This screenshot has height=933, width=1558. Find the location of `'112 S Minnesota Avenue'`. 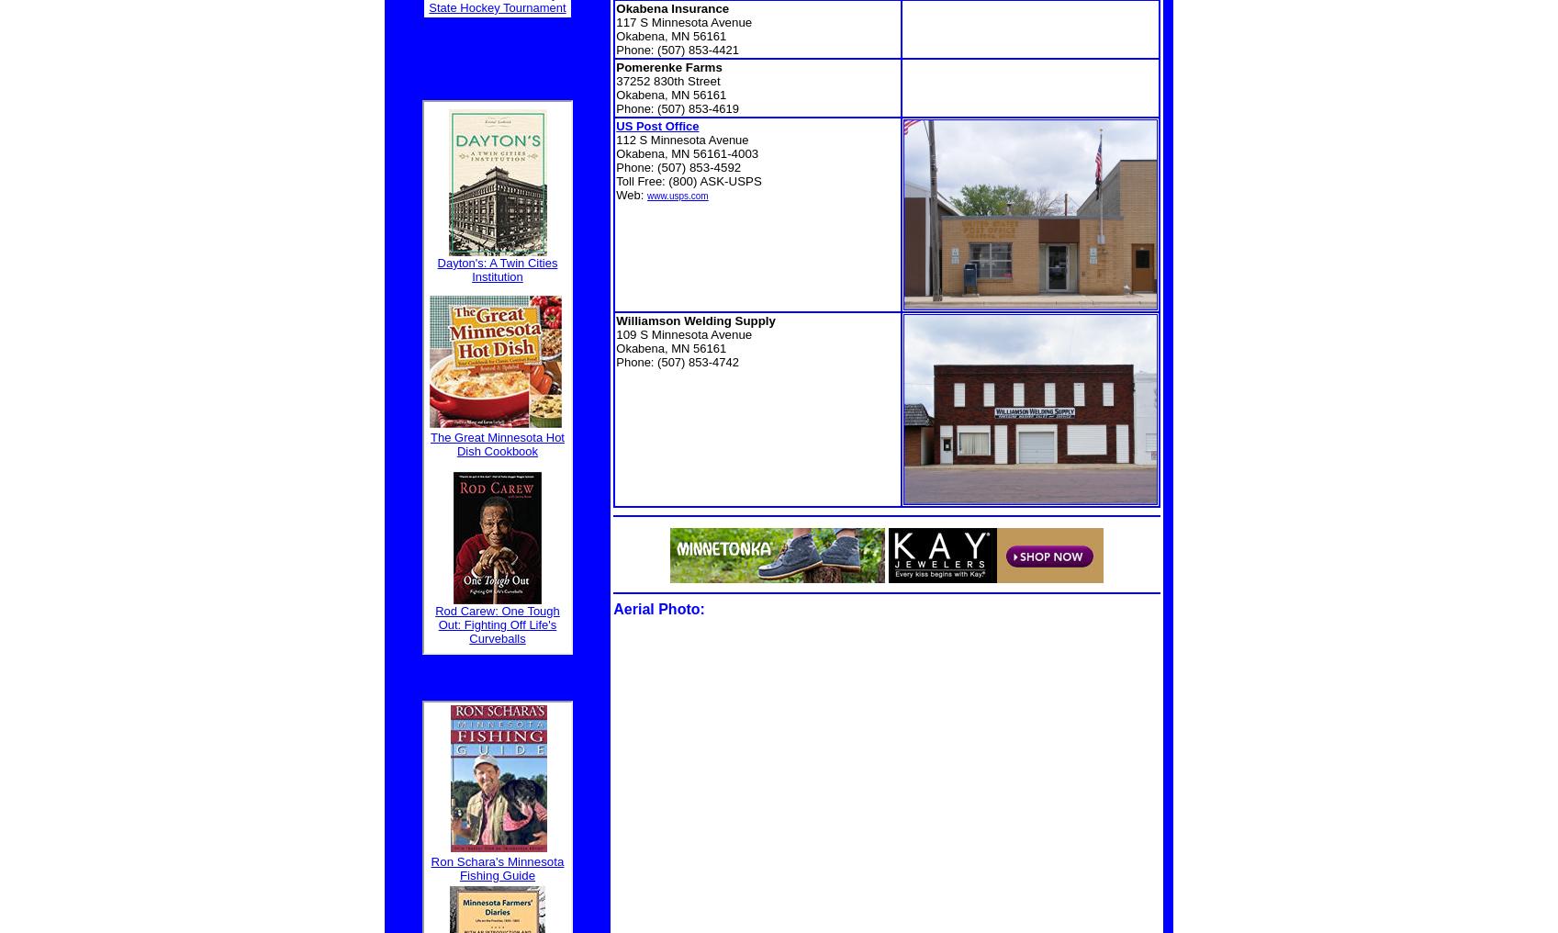

'112 S Minnesota Avenue' is located at coordinates (615, 139).